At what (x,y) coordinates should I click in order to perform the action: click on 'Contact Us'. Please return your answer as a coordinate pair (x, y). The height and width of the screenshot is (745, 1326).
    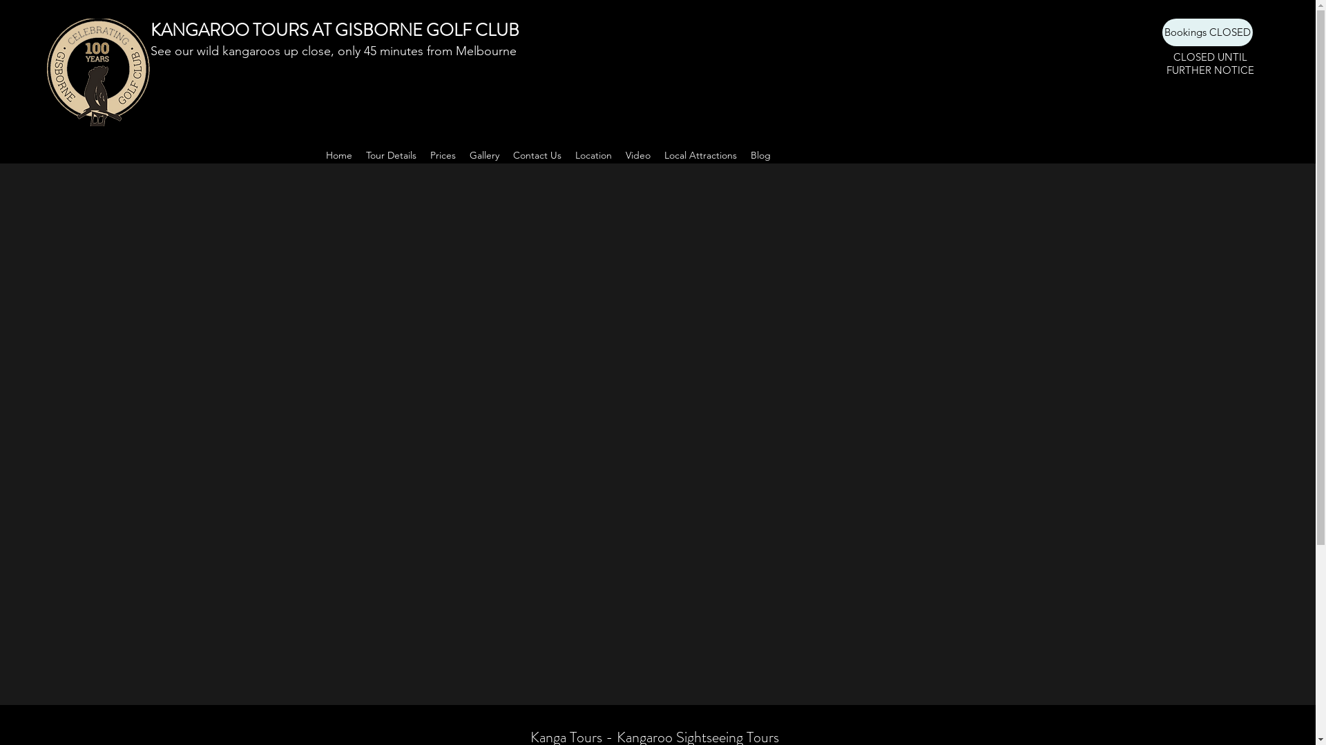
    Looking at the image, I should click on (536, 155).